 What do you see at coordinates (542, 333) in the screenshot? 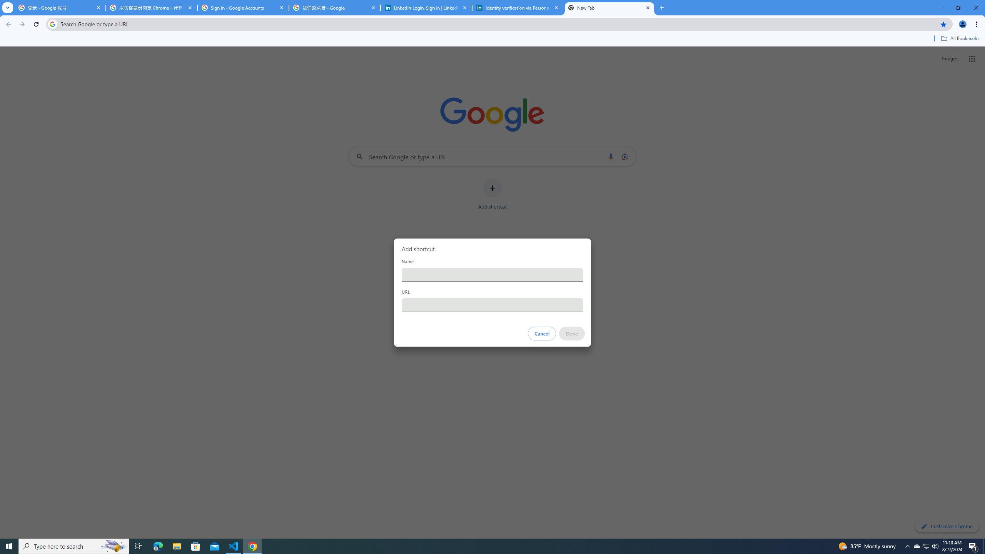
I see `'Cancel'` at bounding box center [542, 333].